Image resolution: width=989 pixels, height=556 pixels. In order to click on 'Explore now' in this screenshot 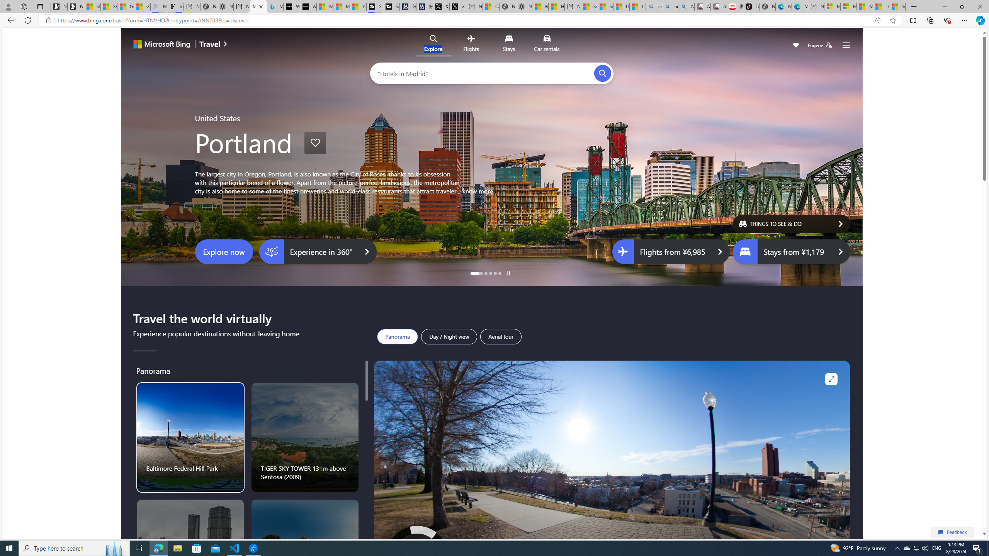, I will do `click(223, 251)`.